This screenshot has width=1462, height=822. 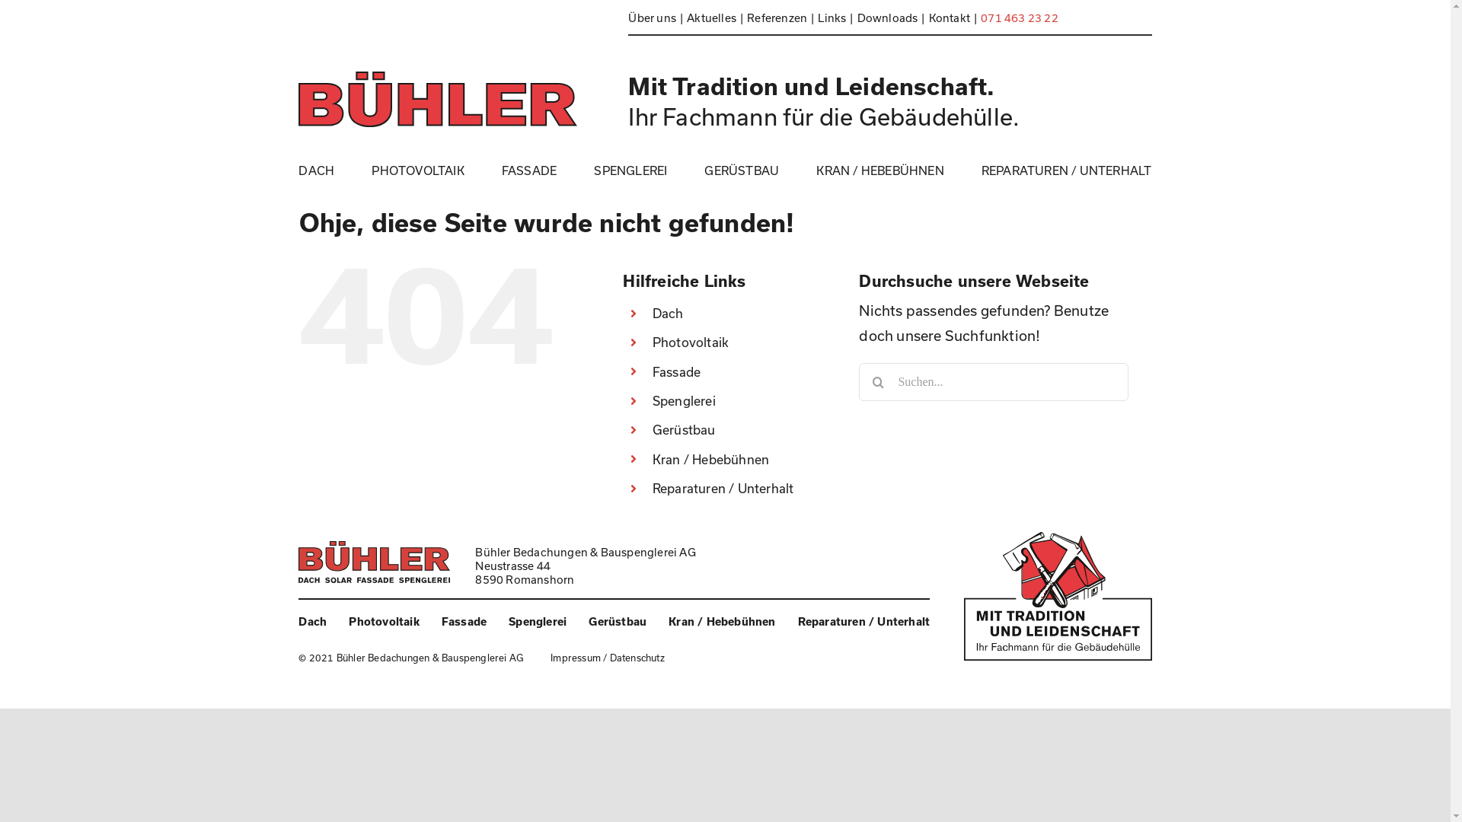 What do you see at coordinates (723, 488) in the screenshot?
I see `'Reparaturen / Unterhalt'` at bounding box center [723, 488].